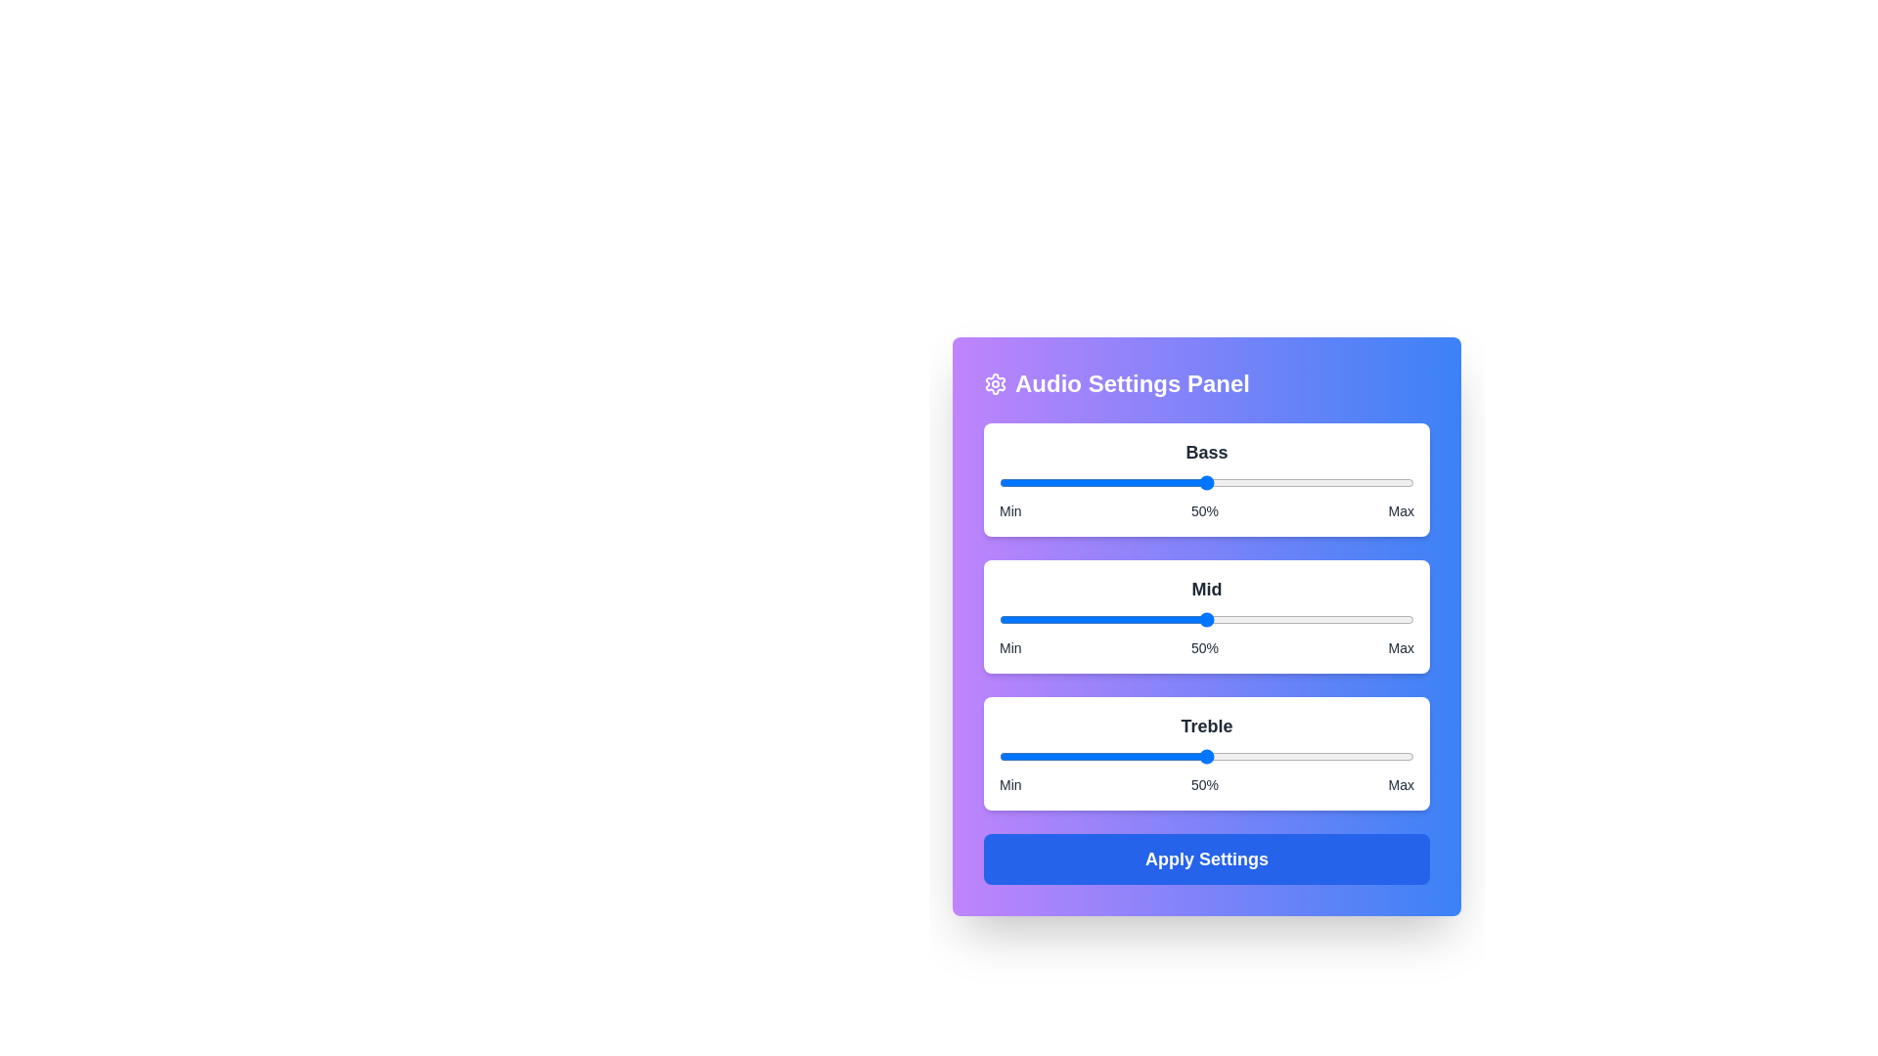  Describe the element at coordinates (1302, 619) in the screenshot. I see `slider` at that location.